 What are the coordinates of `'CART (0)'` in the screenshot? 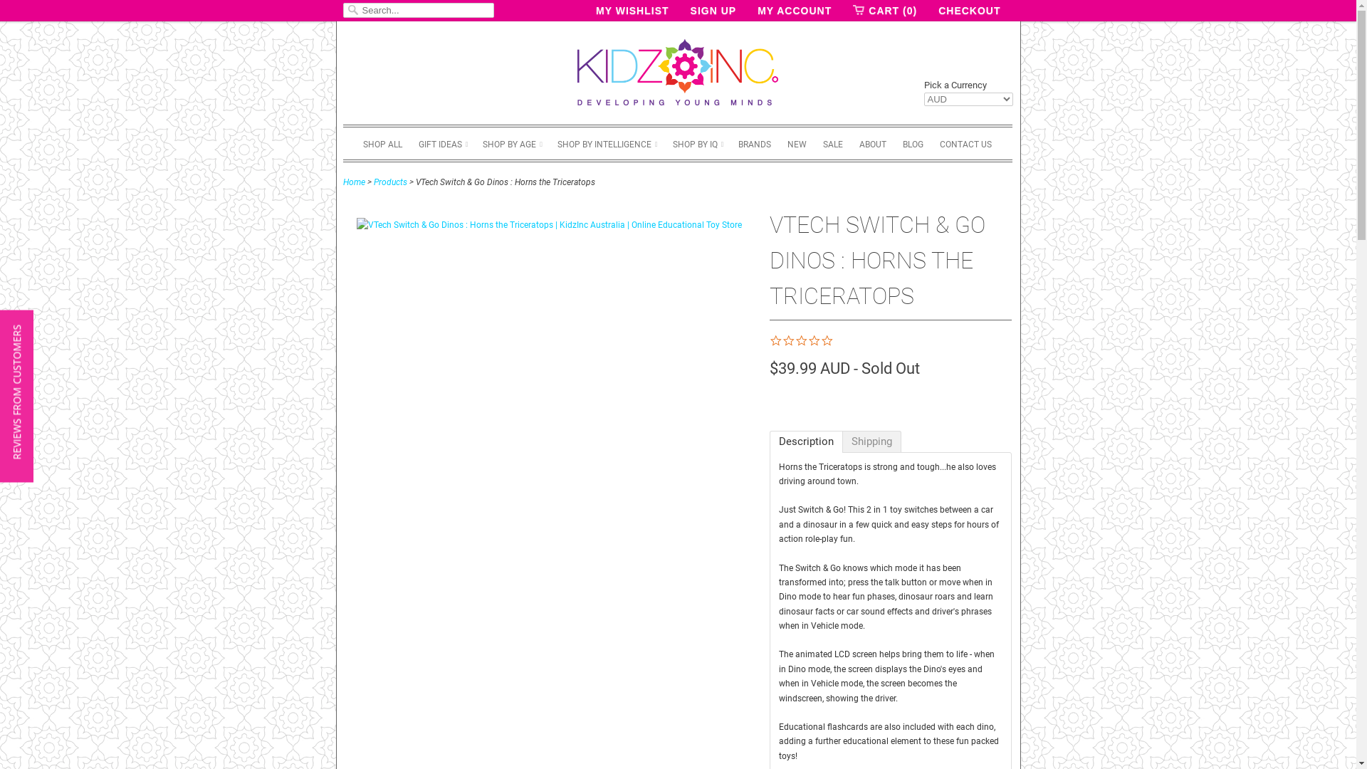 It's located at (853, 11).